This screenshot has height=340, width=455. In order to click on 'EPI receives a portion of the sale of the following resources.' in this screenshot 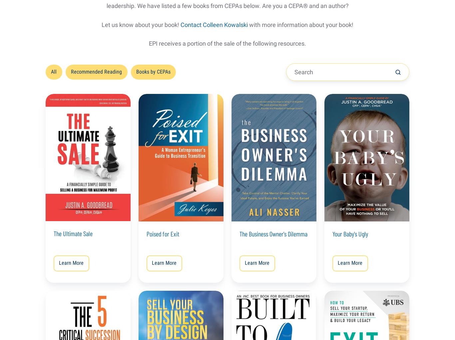, I will do `click(227, 43)`.